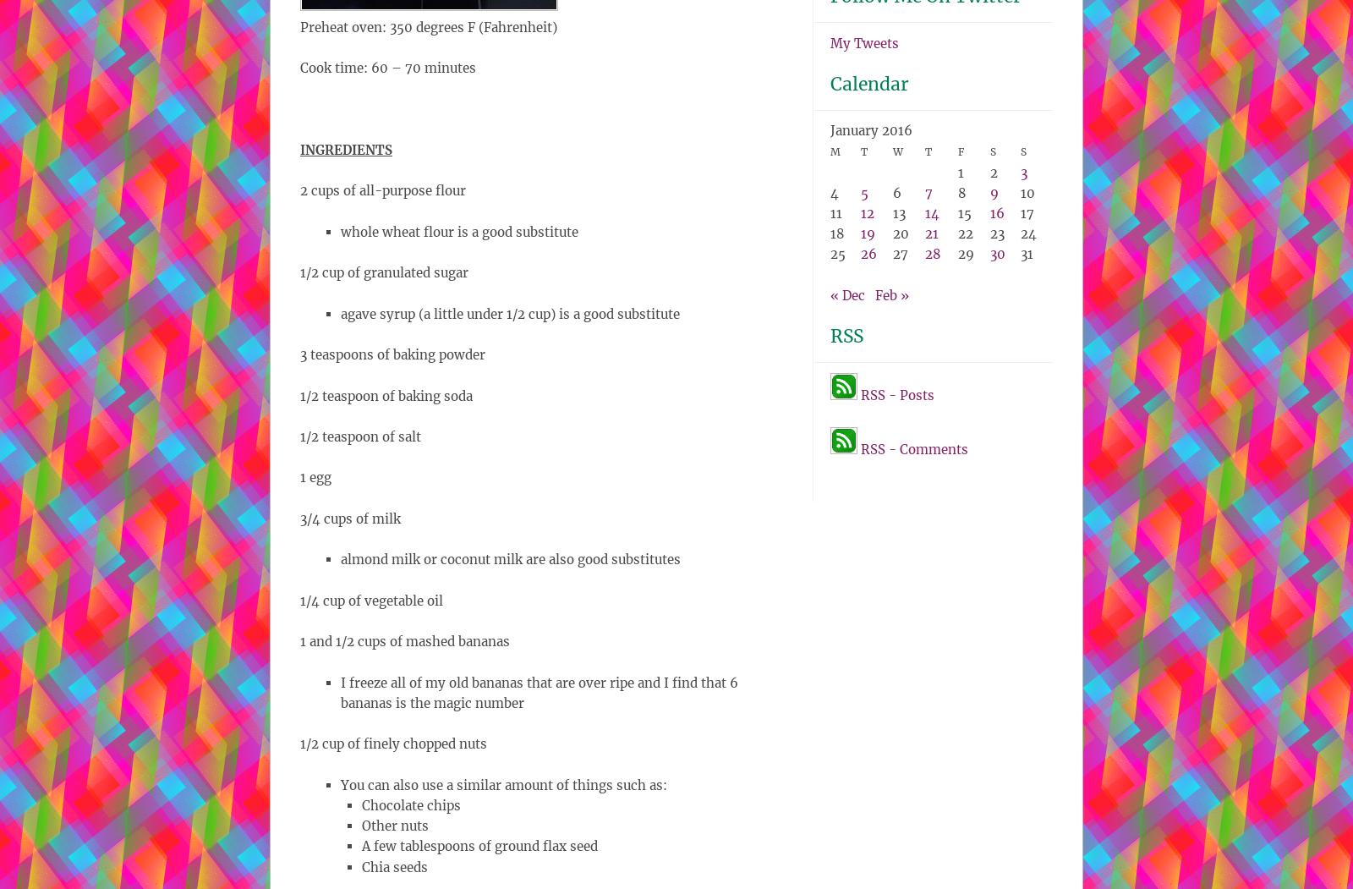  Describe the element at coordinates (383, 272) in the screenshot. I see `'1/2 cup of granulated sugar'` at that location.